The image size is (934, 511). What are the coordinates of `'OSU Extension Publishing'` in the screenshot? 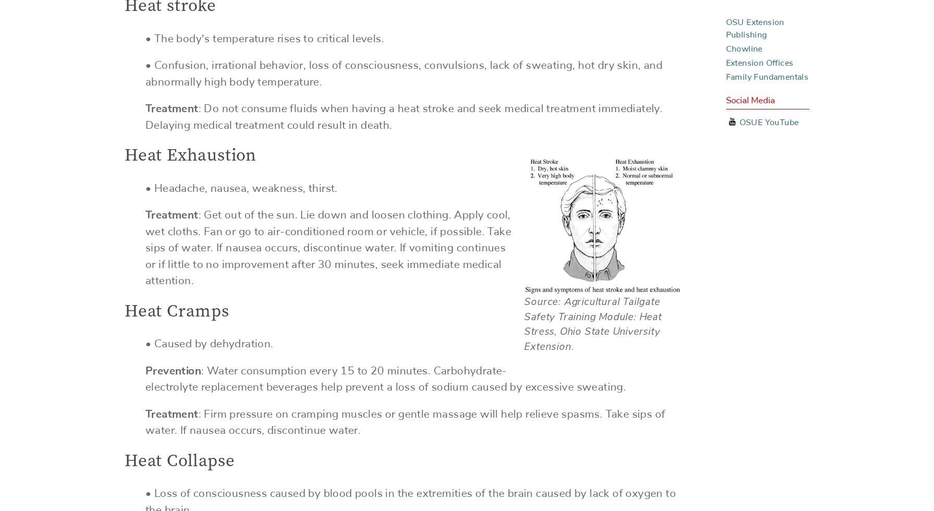 It's located at (754, 28).